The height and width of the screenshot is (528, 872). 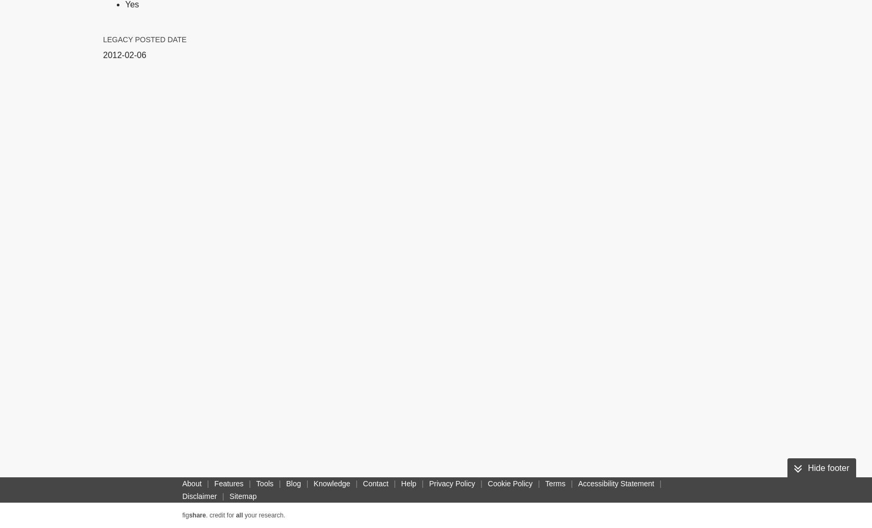 I want to click on 'NLM', so click(x=597, y=33).